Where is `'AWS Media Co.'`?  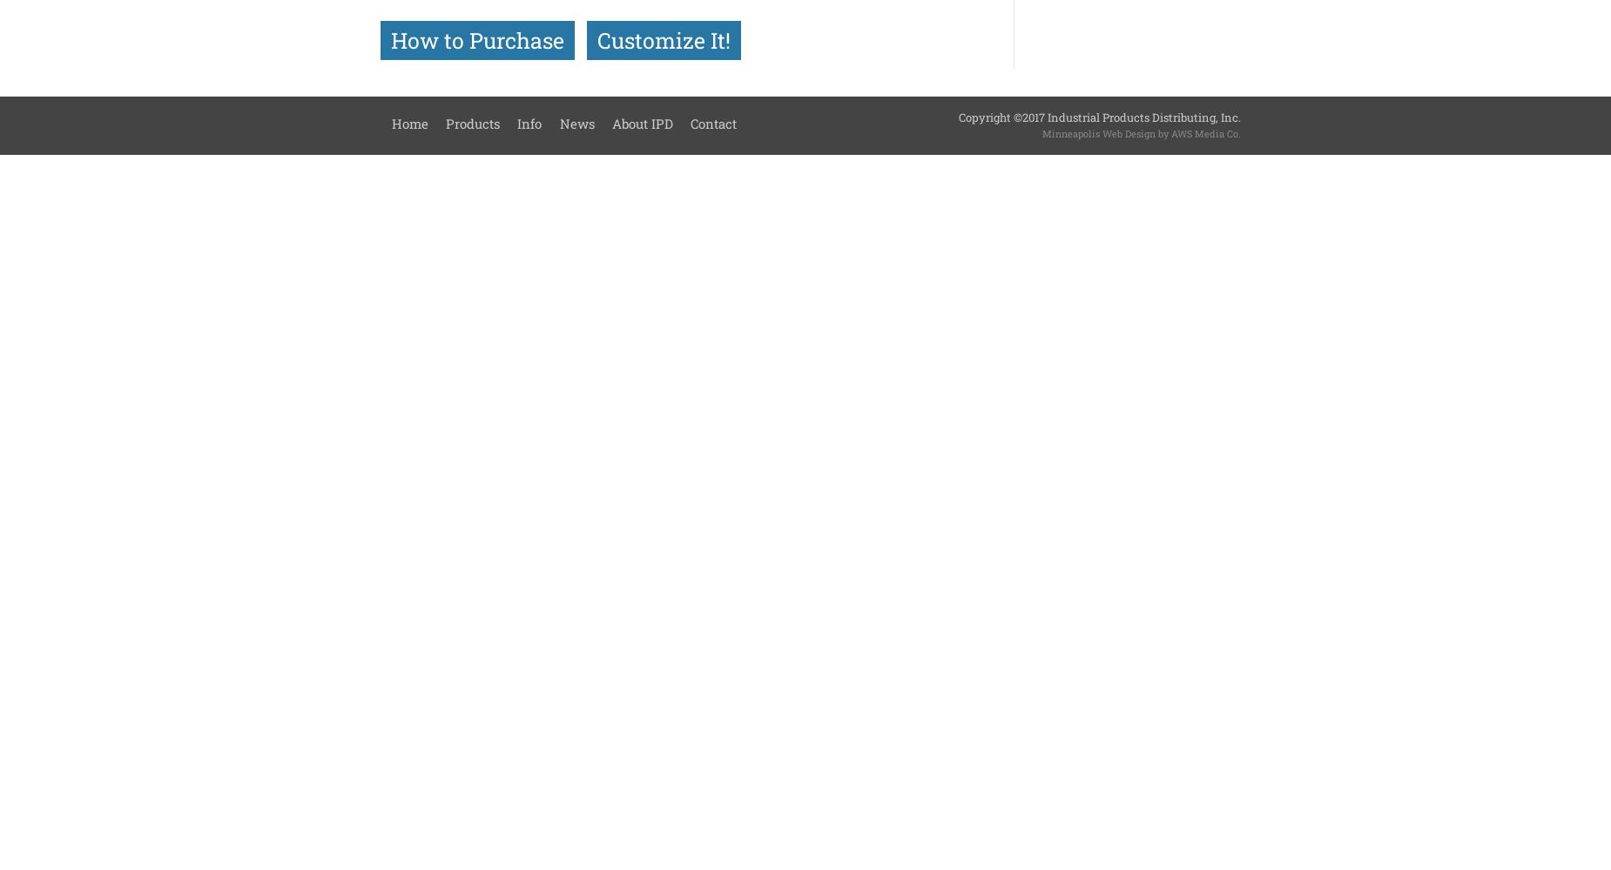
'AWS Media Co.' is located at coordinates (1169, 132).